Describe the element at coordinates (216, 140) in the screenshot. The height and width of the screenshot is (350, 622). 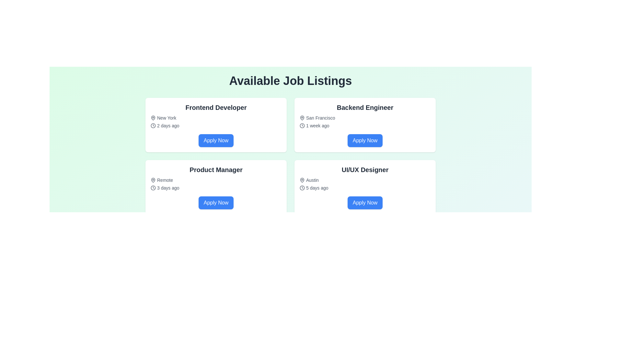
I see `the button located at the bottom of the 'Frontend Developer' job listing to initiate the application process` at that location.